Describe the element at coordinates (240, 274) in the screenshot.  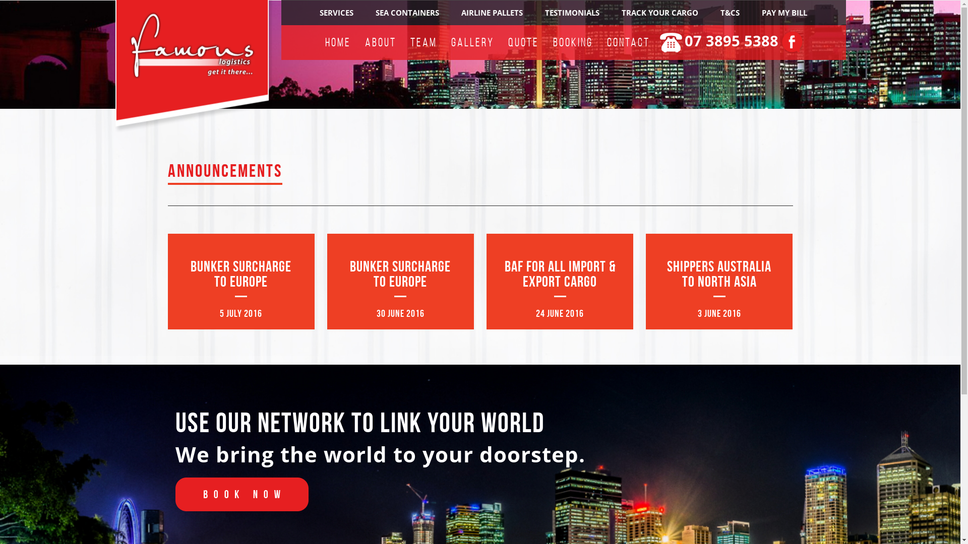
I see `'BUNKER SURCHARGE` at that location.